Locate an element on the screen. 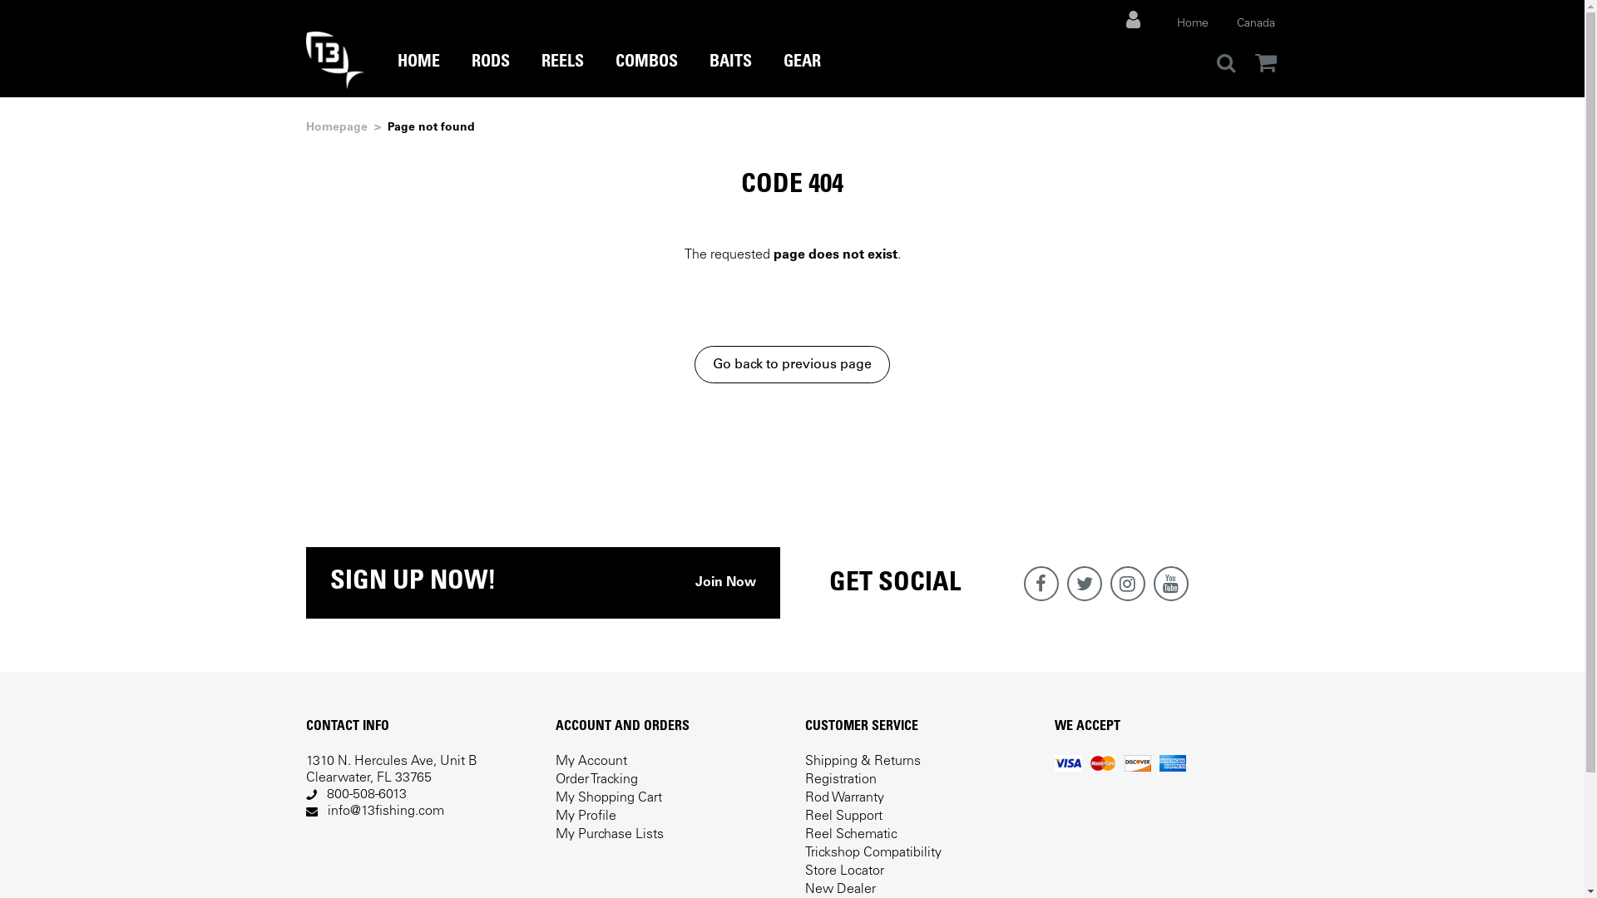 This screenshot has height=898, width=1597. 'New Dealer' is located at coordinates (840, 888).